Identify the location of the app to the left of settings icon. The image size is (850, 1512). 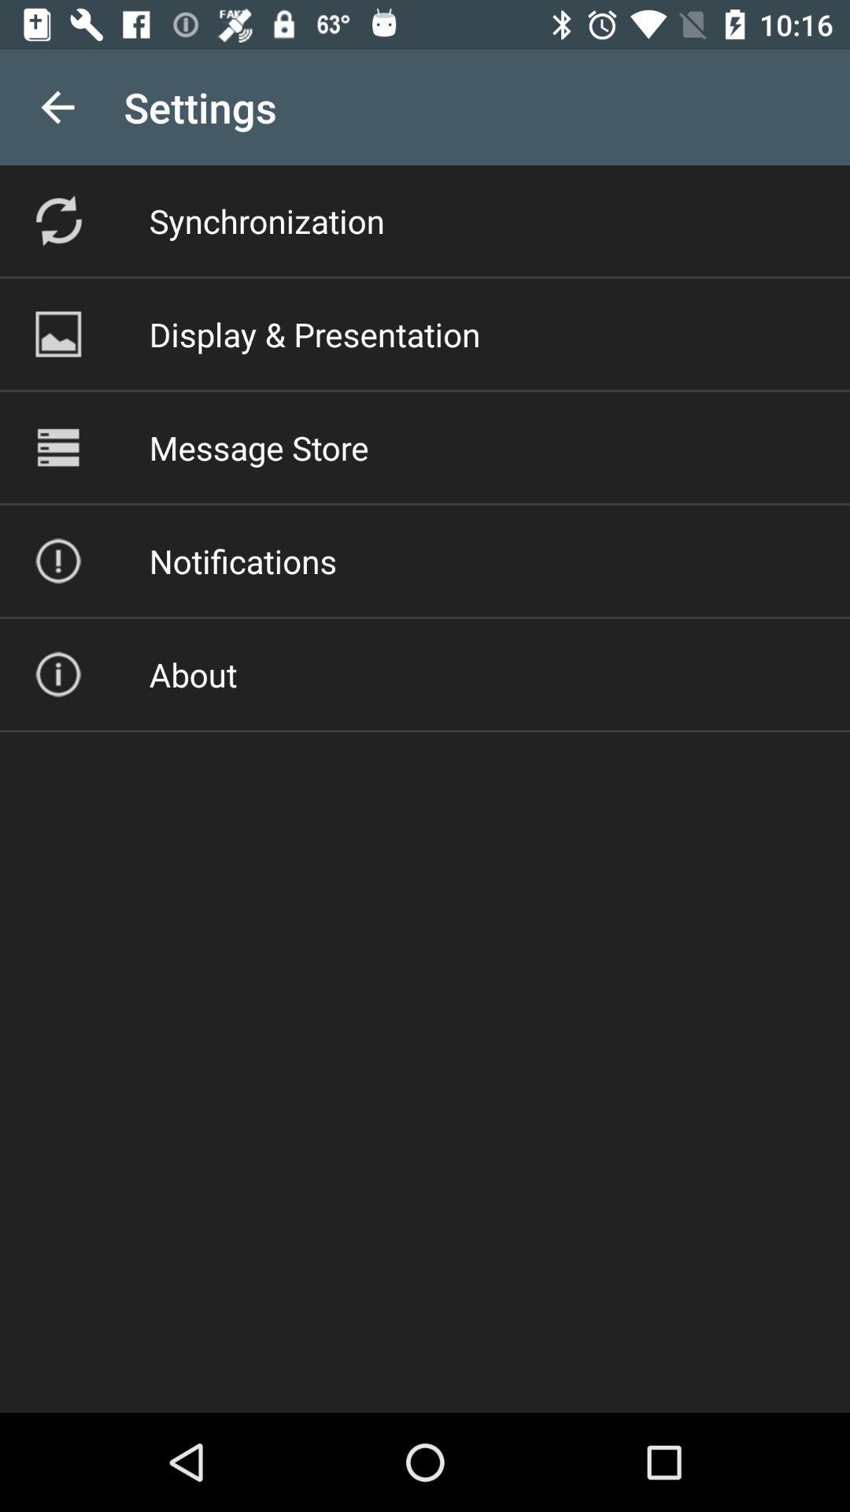
(57, 106).